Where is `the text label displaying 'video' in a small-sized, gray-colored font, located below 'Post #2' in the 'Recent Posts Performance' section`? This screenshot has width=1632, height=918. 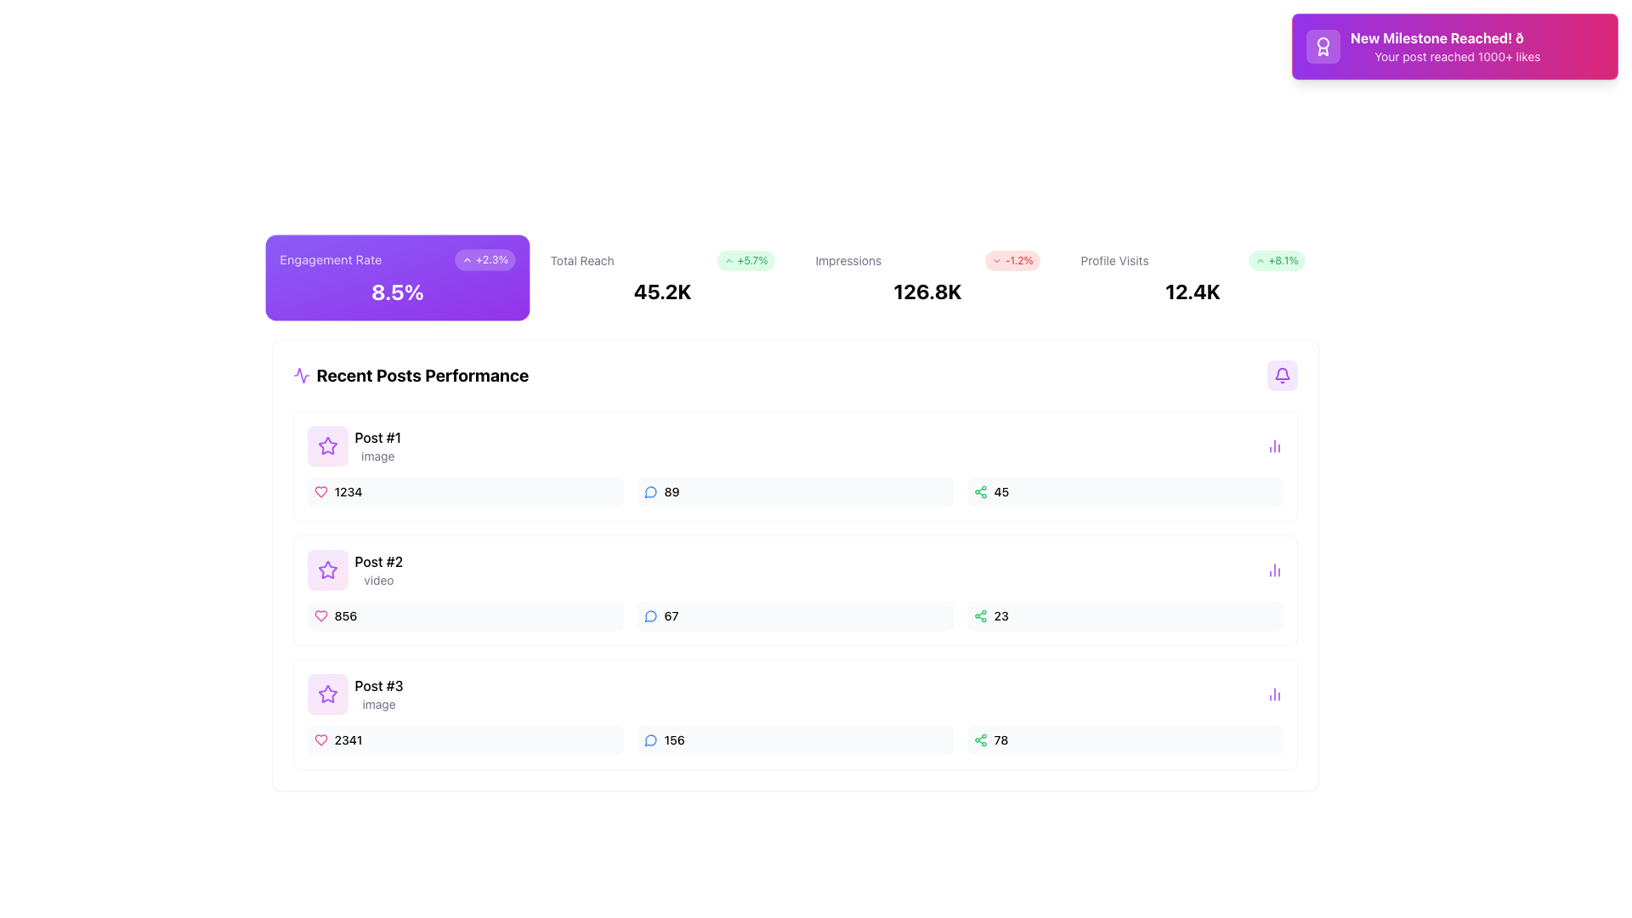 the text label displaying 'video' in a small-sized, gray-colored font, located below 'Post #2' in the 'Recent Posts Performance' section is located at coordinates (377, 579).